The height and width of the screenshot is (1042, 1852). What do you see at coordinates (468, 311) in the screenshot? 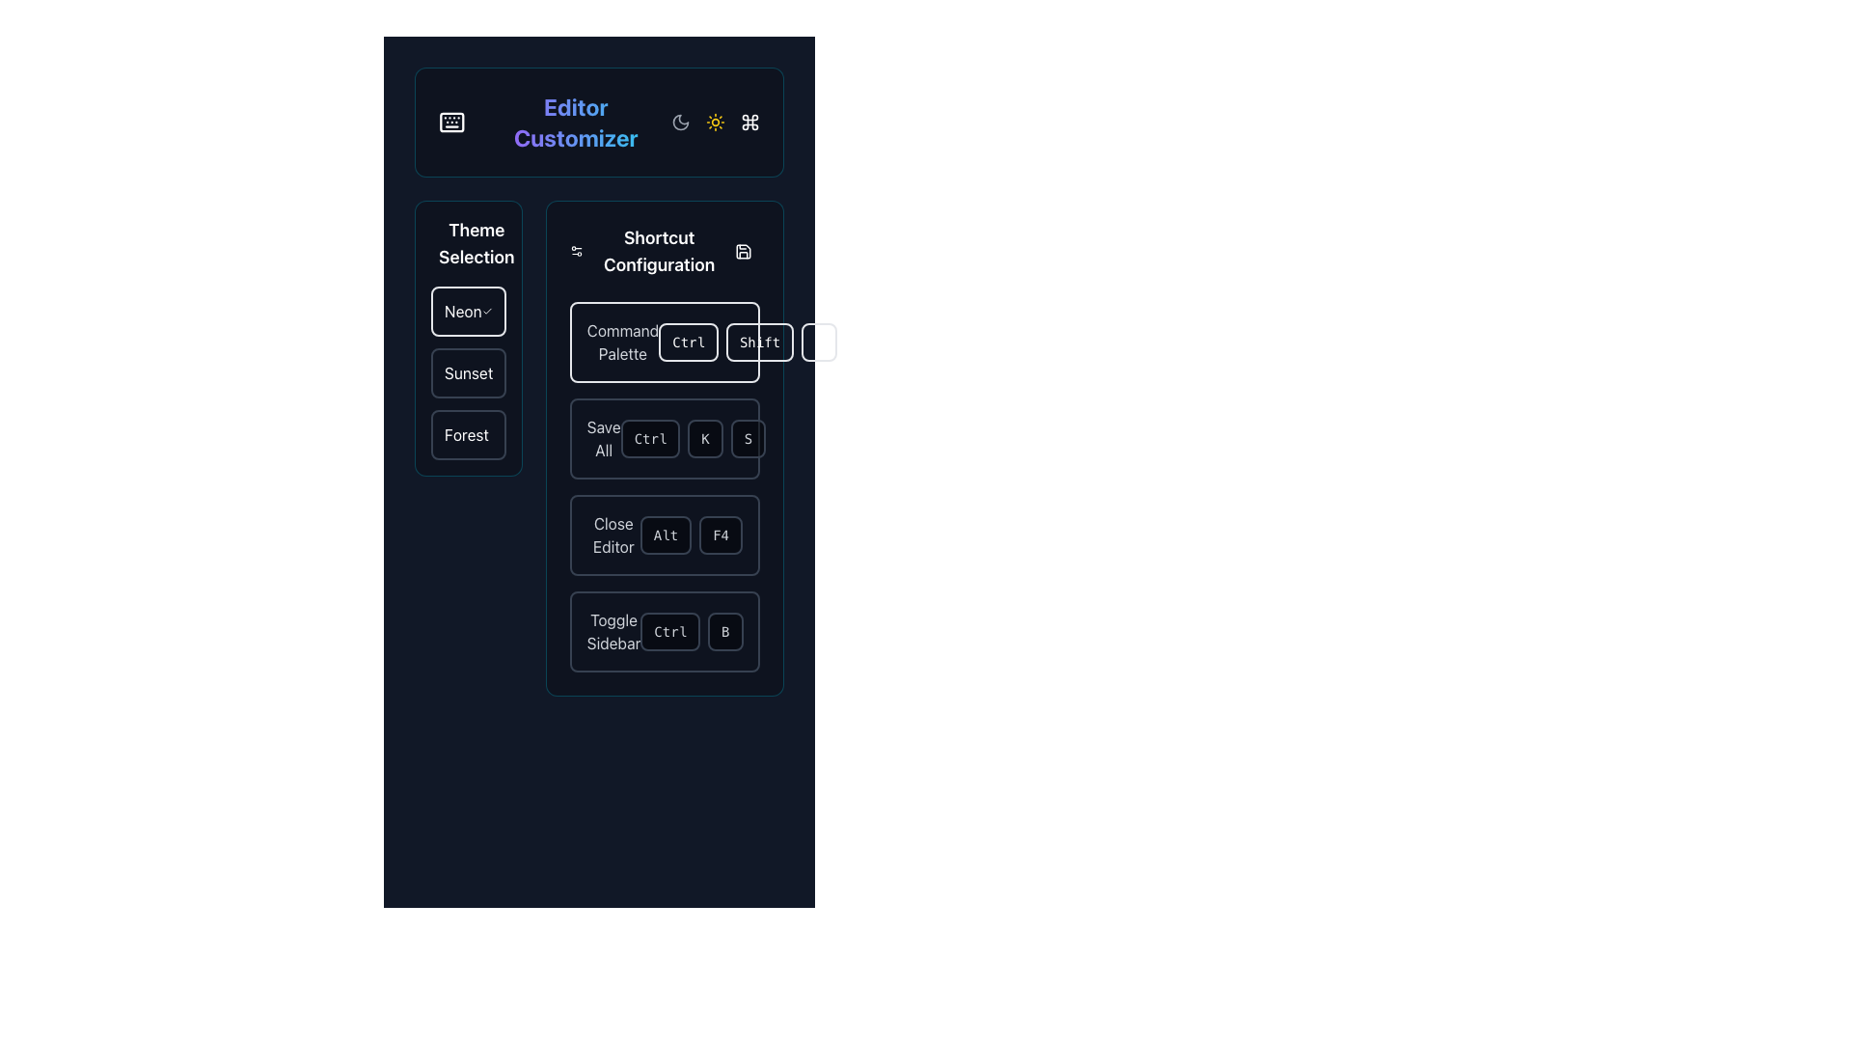
I see `the button` at bounding box center [468, 311].